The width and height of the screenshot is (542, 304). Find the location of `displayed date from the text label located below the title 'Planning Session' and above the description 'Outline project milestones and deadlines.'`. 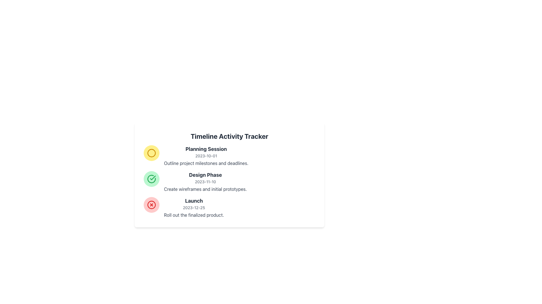

displayed date from the text label located below the title 'Planning Session' and above the description 'Outline project milestones and deadlines.' is located at coordinates (206, 156).